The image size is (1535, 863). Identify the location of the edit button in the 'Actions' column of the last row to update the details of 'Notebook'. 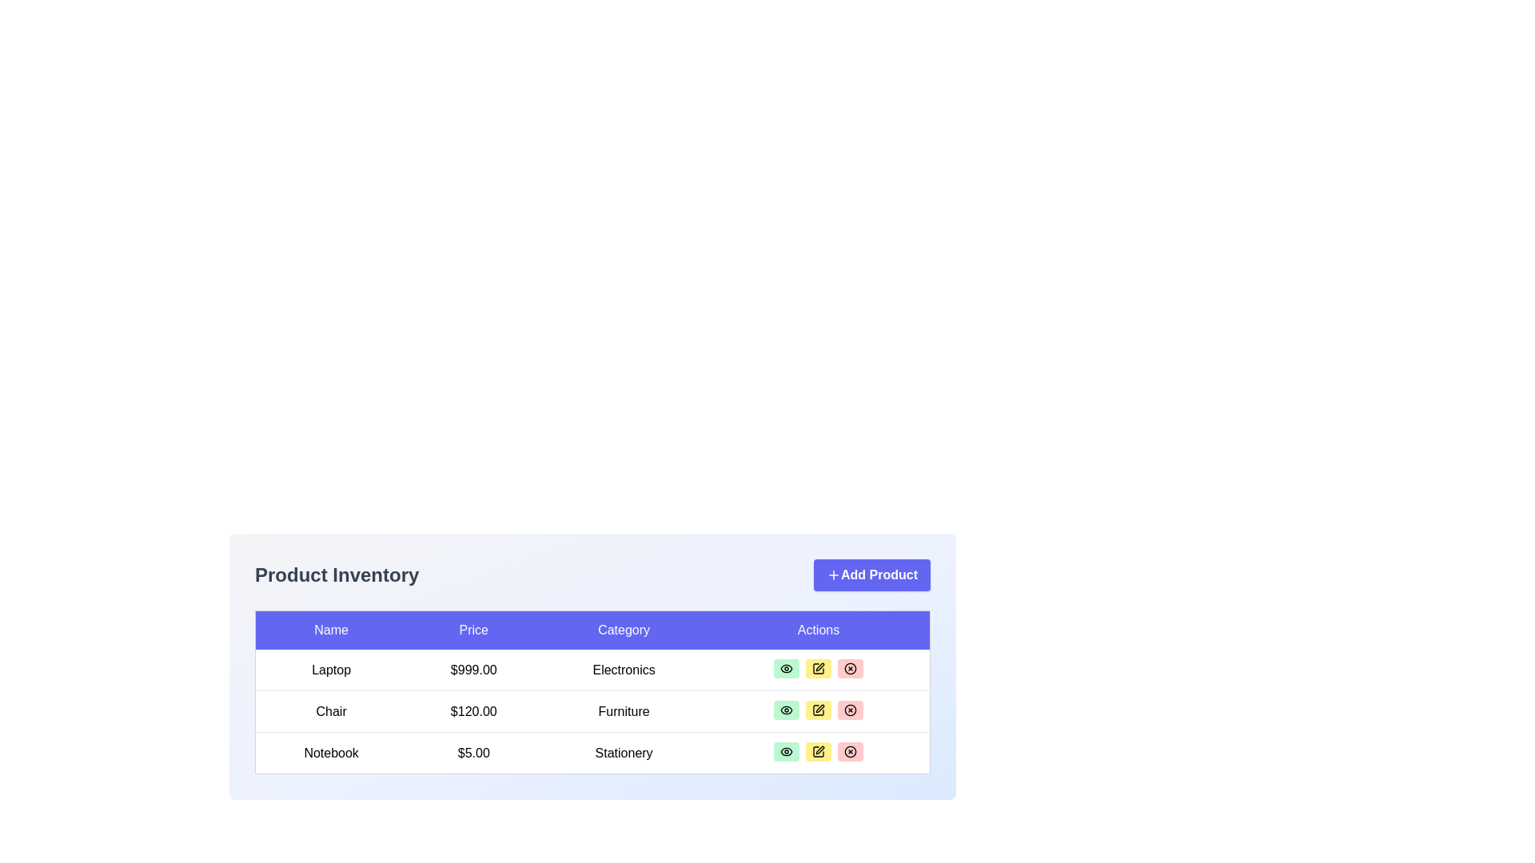
(818, 752).